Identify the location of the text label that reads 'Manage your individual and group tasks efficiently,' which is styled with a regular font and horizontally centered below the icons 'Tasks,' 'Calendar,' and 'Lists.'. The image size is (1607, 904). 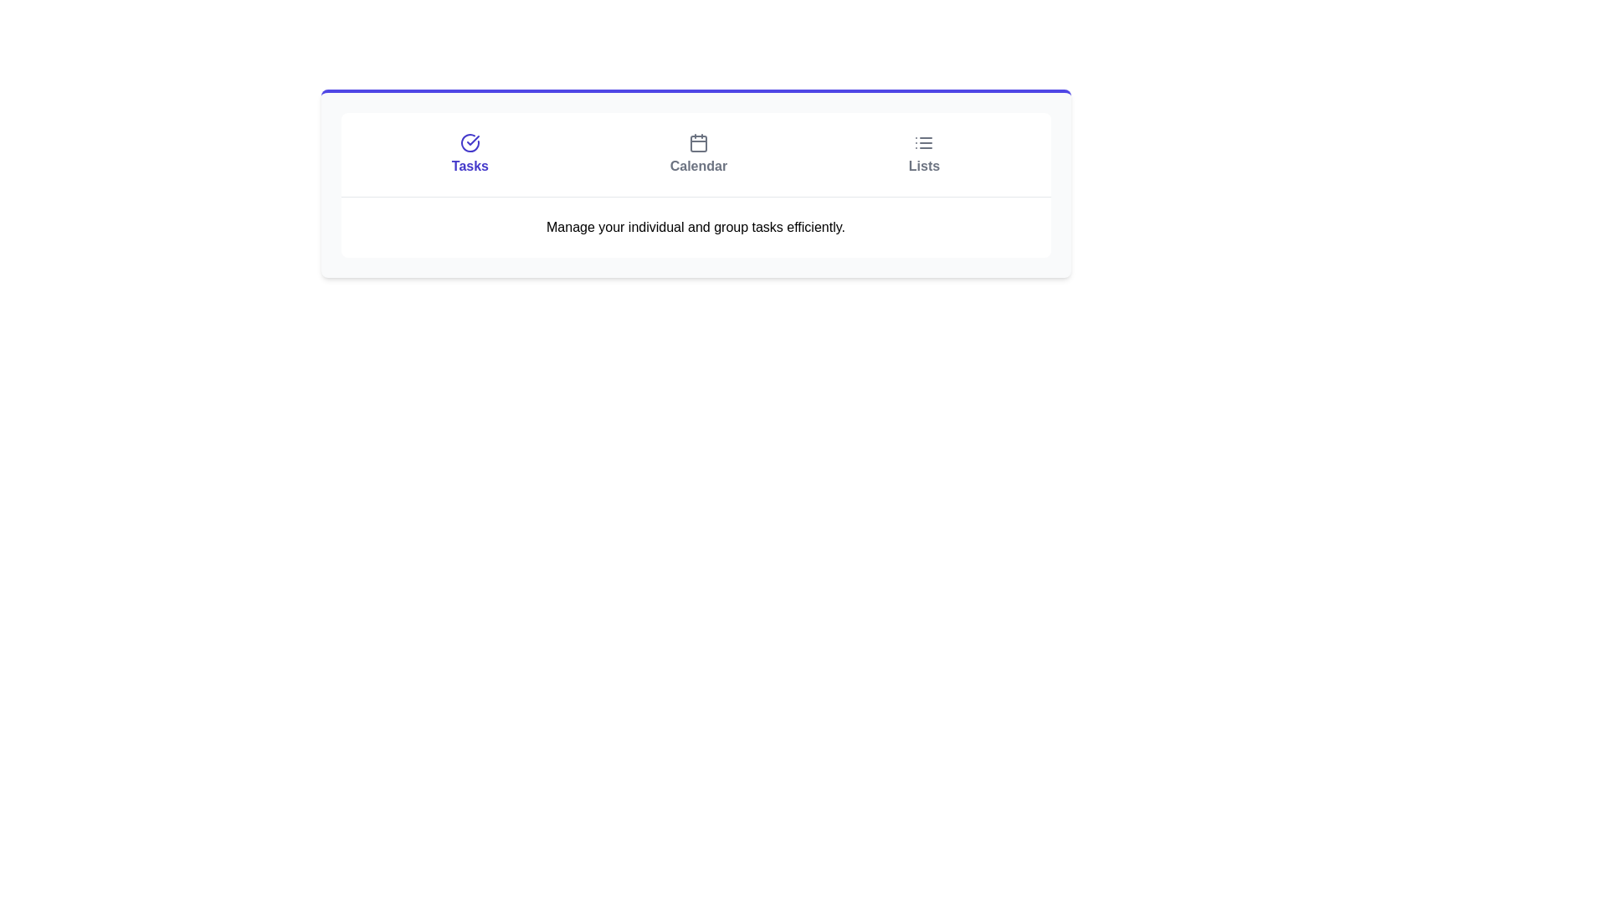
(696, 228).